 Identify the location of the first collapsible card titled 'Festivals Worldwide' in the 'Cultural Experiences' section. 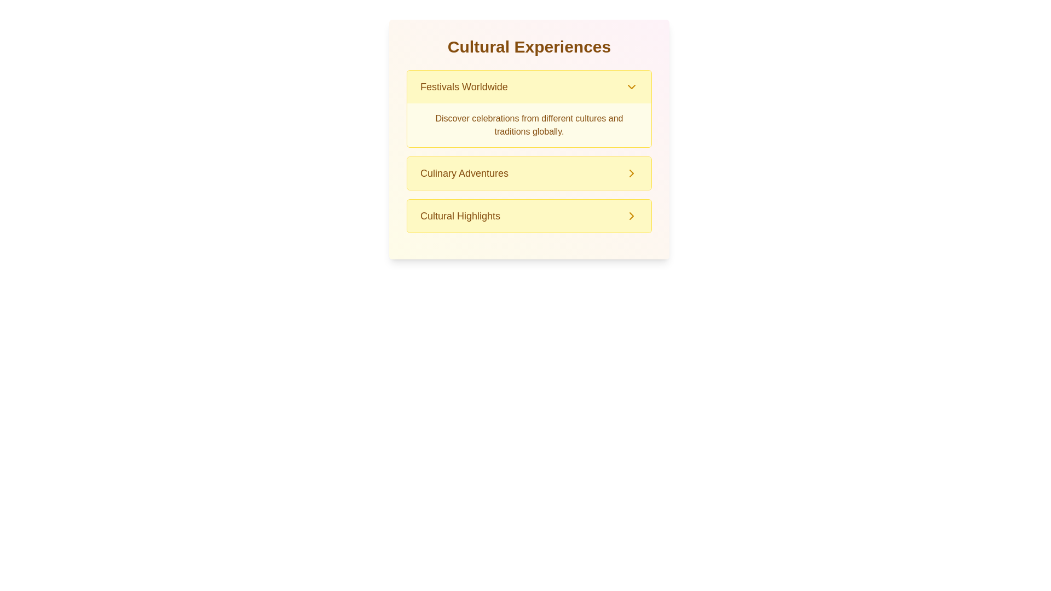
(529, 109).